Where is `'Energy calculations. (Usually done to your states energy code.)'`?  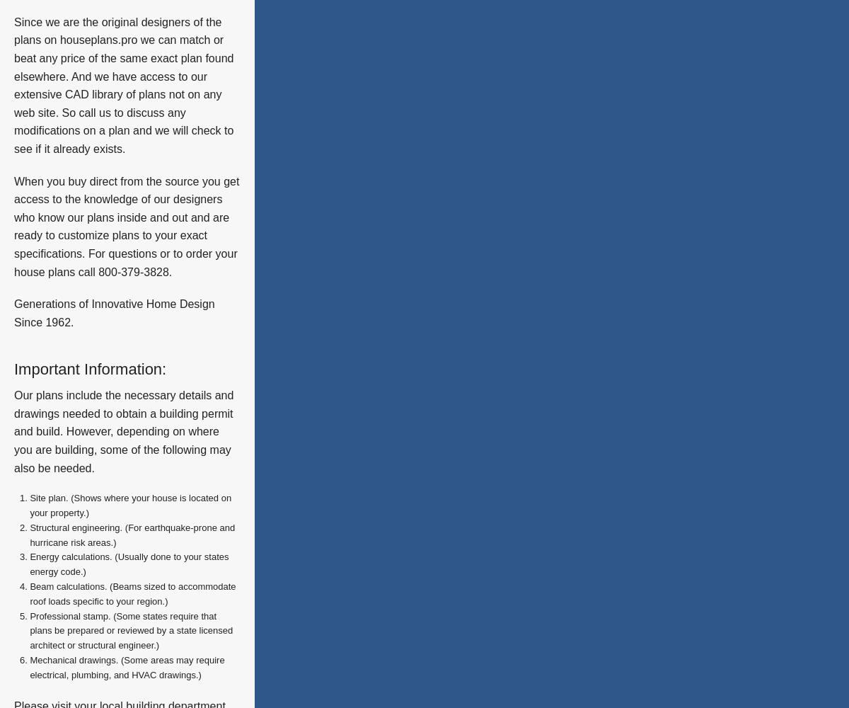
'Energy calculations. (Usually done to your states energy code.)' is located at coordinates (128, 564).